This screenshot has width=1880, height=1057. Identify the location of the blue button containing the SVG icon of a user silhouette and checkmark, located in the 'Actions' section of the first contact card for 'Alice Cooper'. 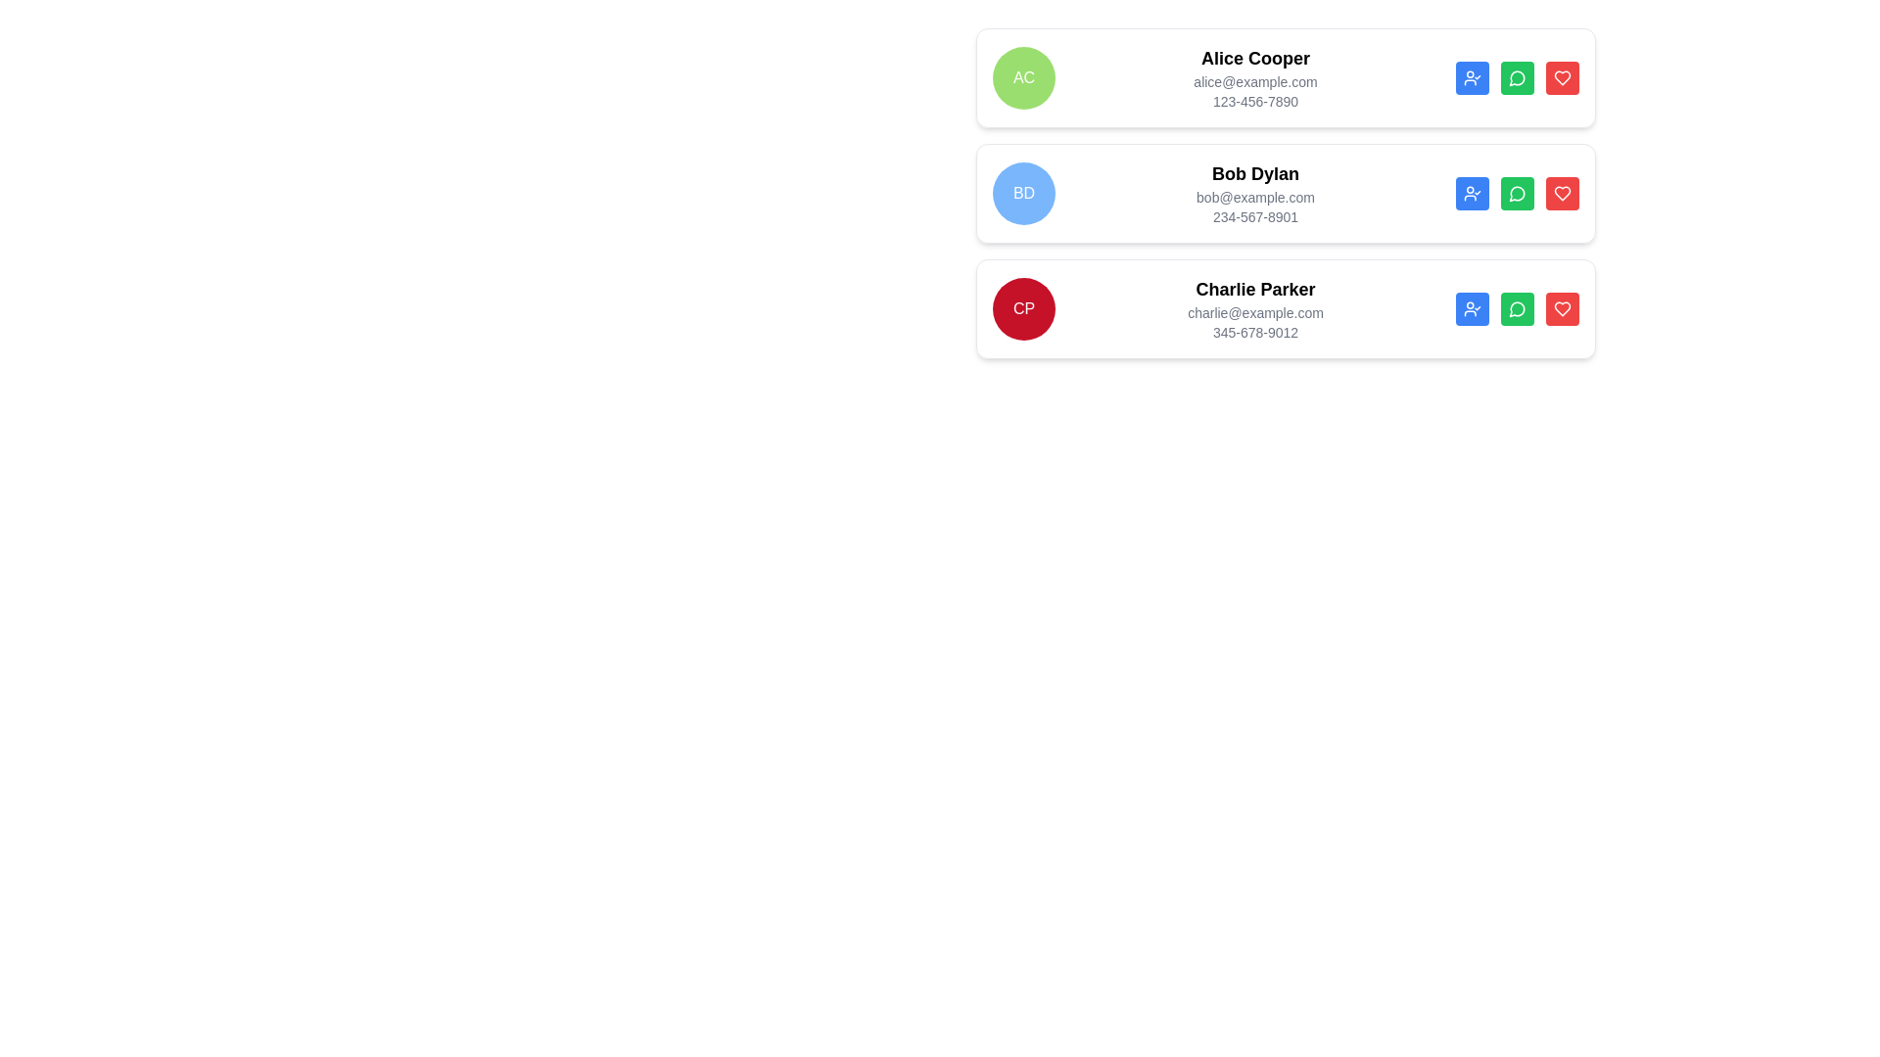
(1472, 77).